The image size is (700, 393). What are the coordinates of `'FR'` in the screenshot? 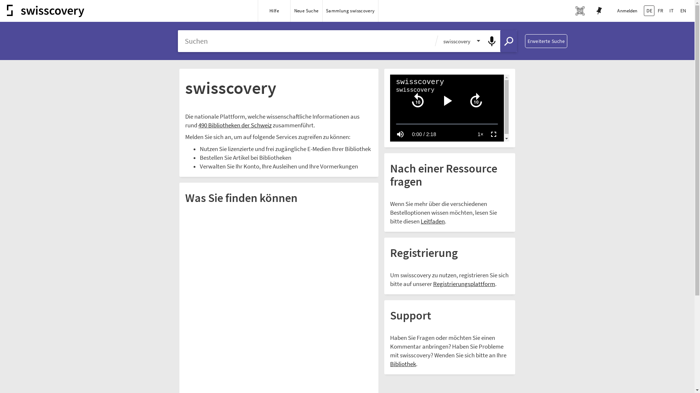 It's located at (660, 11).